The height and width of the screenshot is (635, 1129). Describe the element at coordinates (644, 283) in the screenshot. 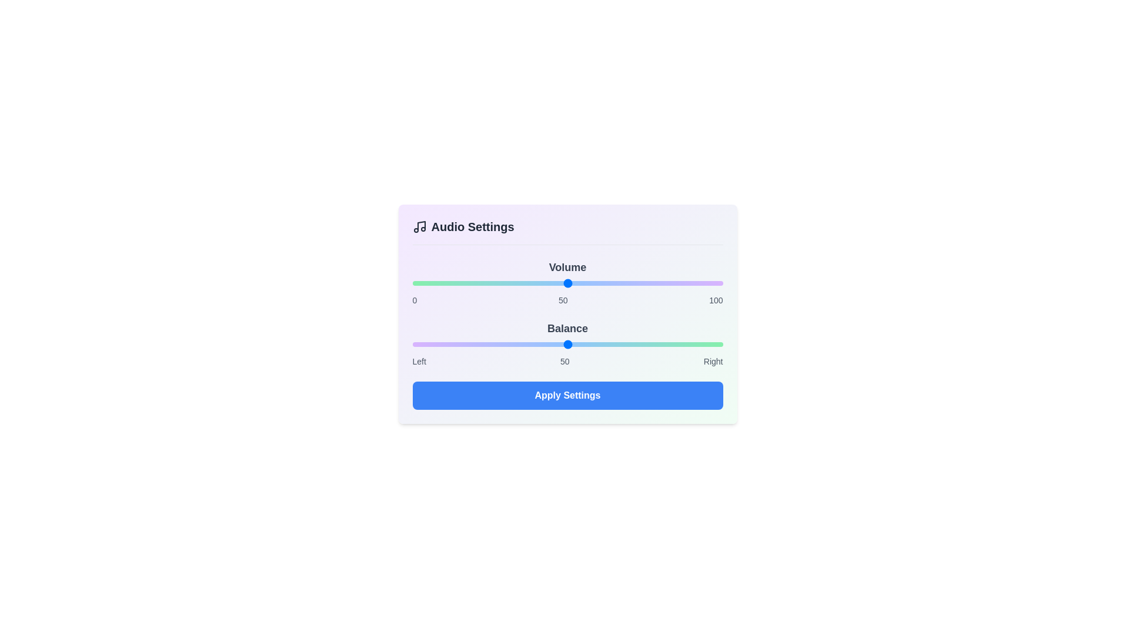

I see `the volume level` at that location.